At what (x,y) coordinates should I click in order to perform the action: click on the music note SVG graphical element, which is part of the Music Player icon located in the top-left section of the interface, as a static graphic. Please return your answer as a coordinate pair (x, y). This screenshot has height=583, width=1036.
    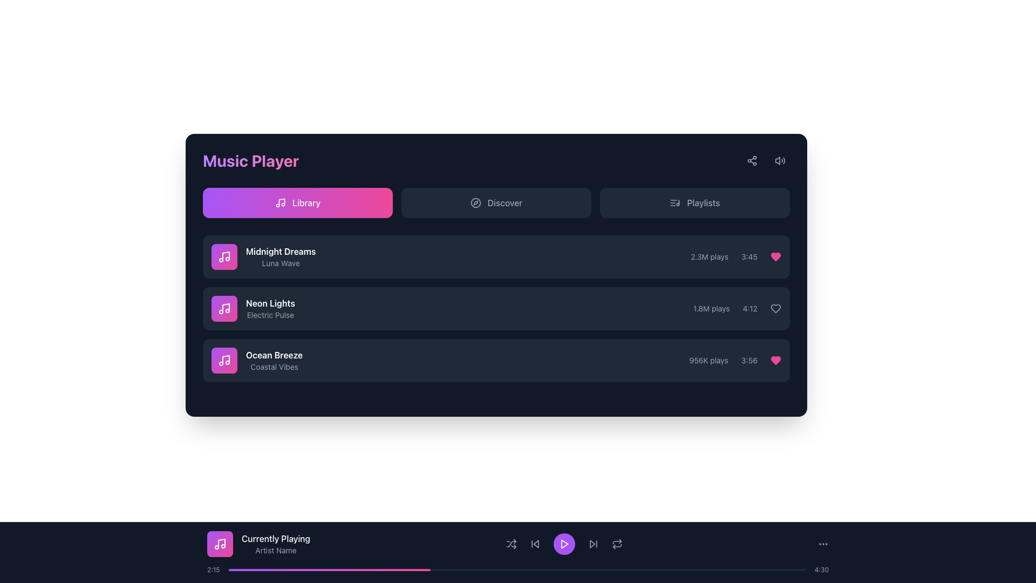
    Looking at the image, I should click on (225, 360).